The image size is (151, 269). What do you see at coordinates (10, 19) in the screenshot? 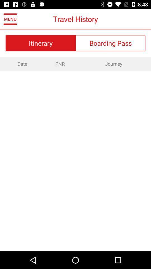
I see `icon to the left of travel history icon` at bounding box center [10, 19].